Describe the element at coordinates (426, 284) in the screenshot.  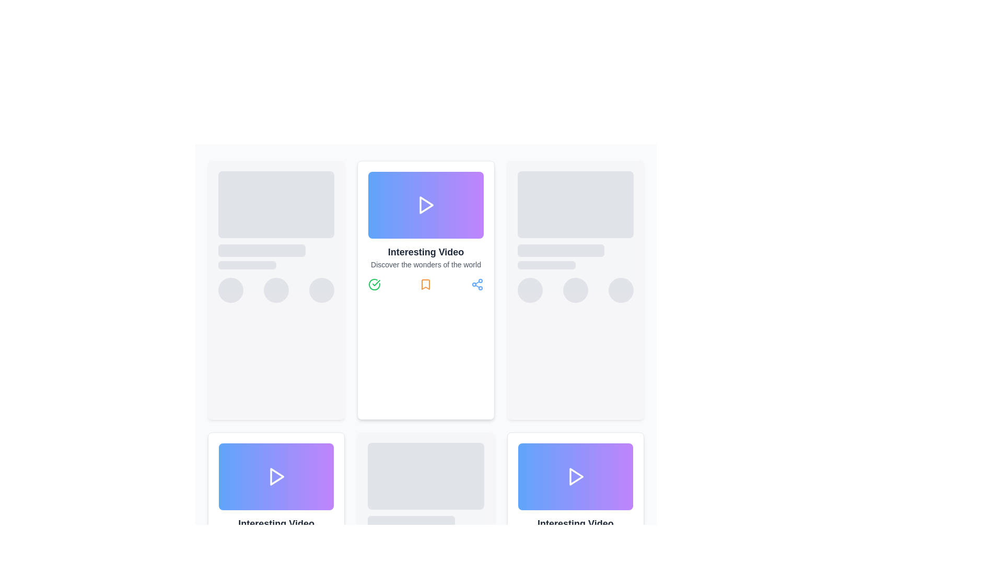
I see `the bookmark icon located below the 'Interesting Video' title and above the share icon` at that location.